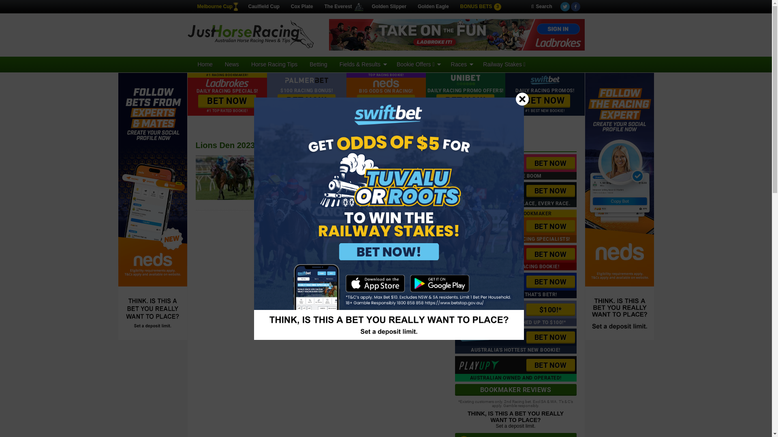 This screenshot has width=778, height=437. I want to click on 'BET NOW, so click(515, 369).